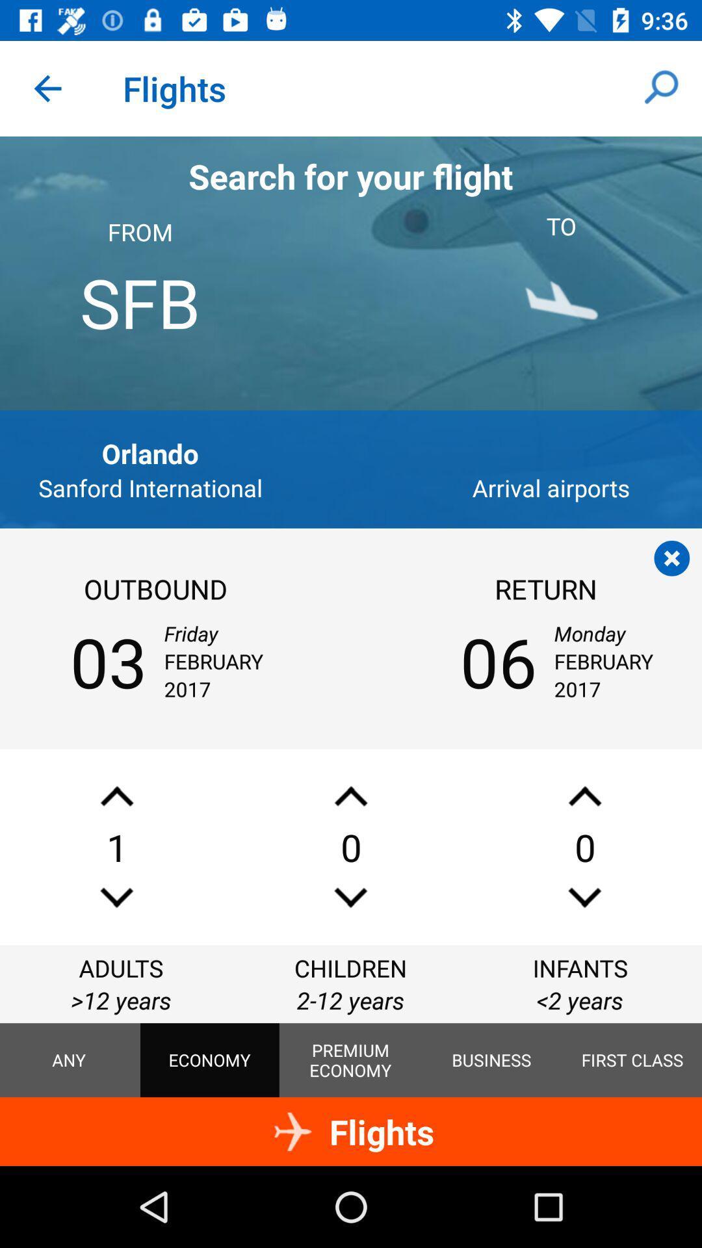 The height and width of the screenshot is (1248, 702). I want to click on the icon to the right of the economy icon, so click(350, 1060).